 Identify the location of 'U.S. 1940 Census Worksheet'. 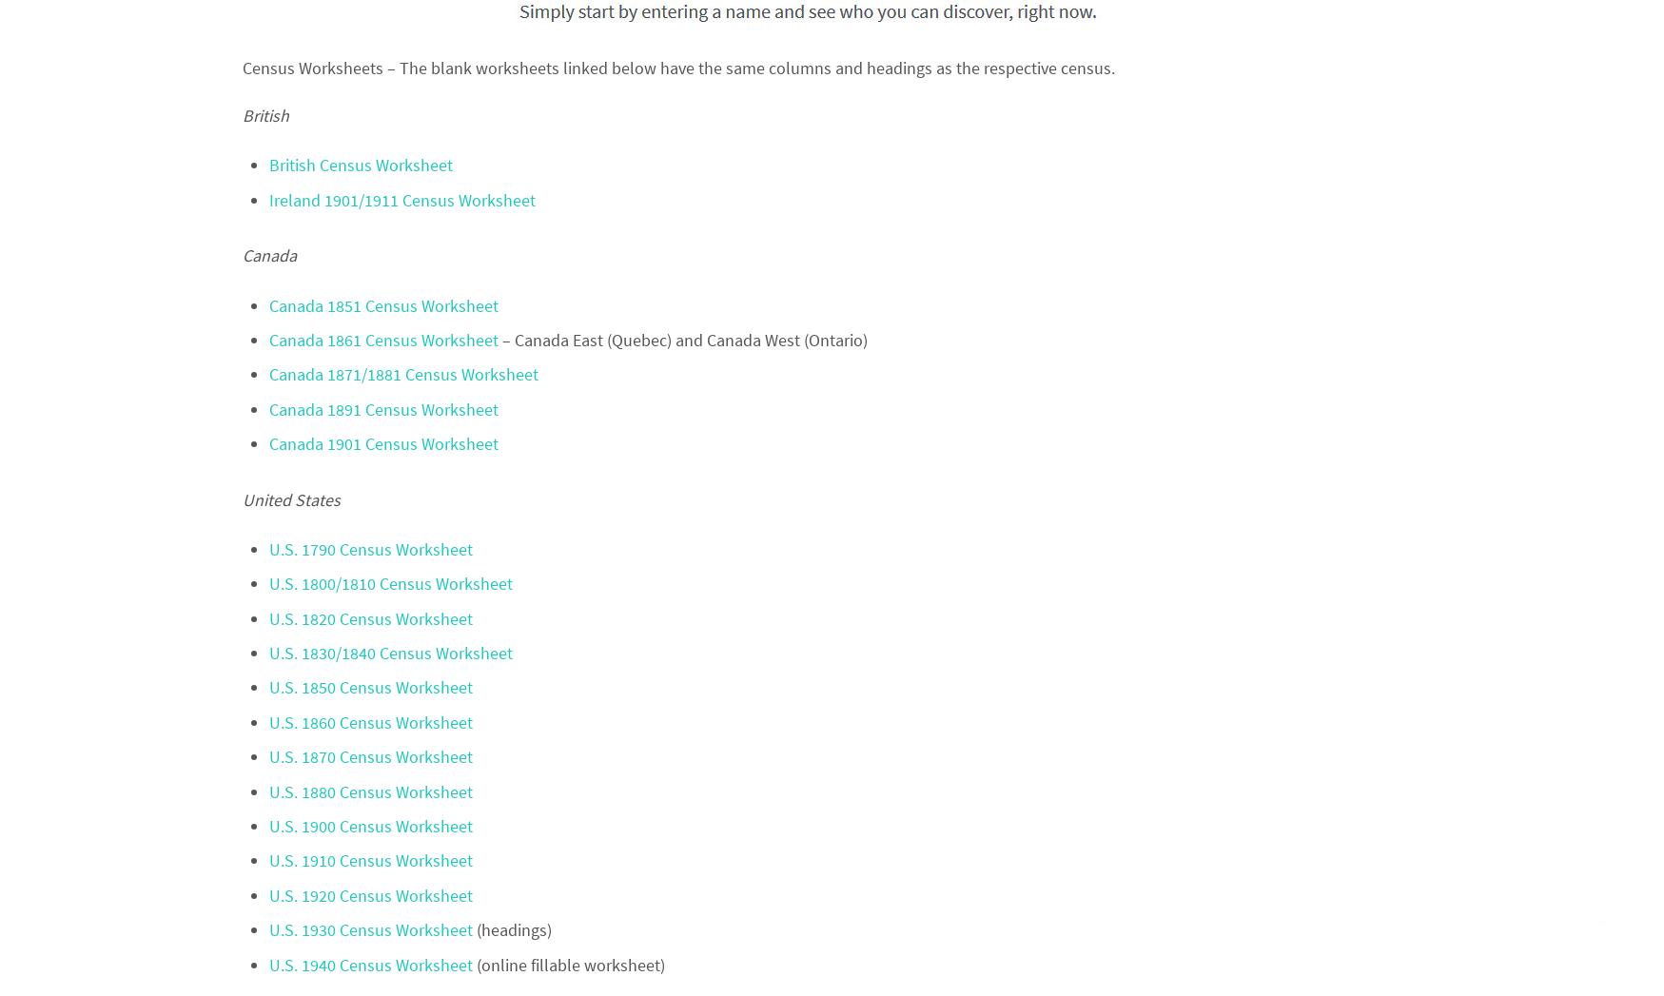
(371, 964).